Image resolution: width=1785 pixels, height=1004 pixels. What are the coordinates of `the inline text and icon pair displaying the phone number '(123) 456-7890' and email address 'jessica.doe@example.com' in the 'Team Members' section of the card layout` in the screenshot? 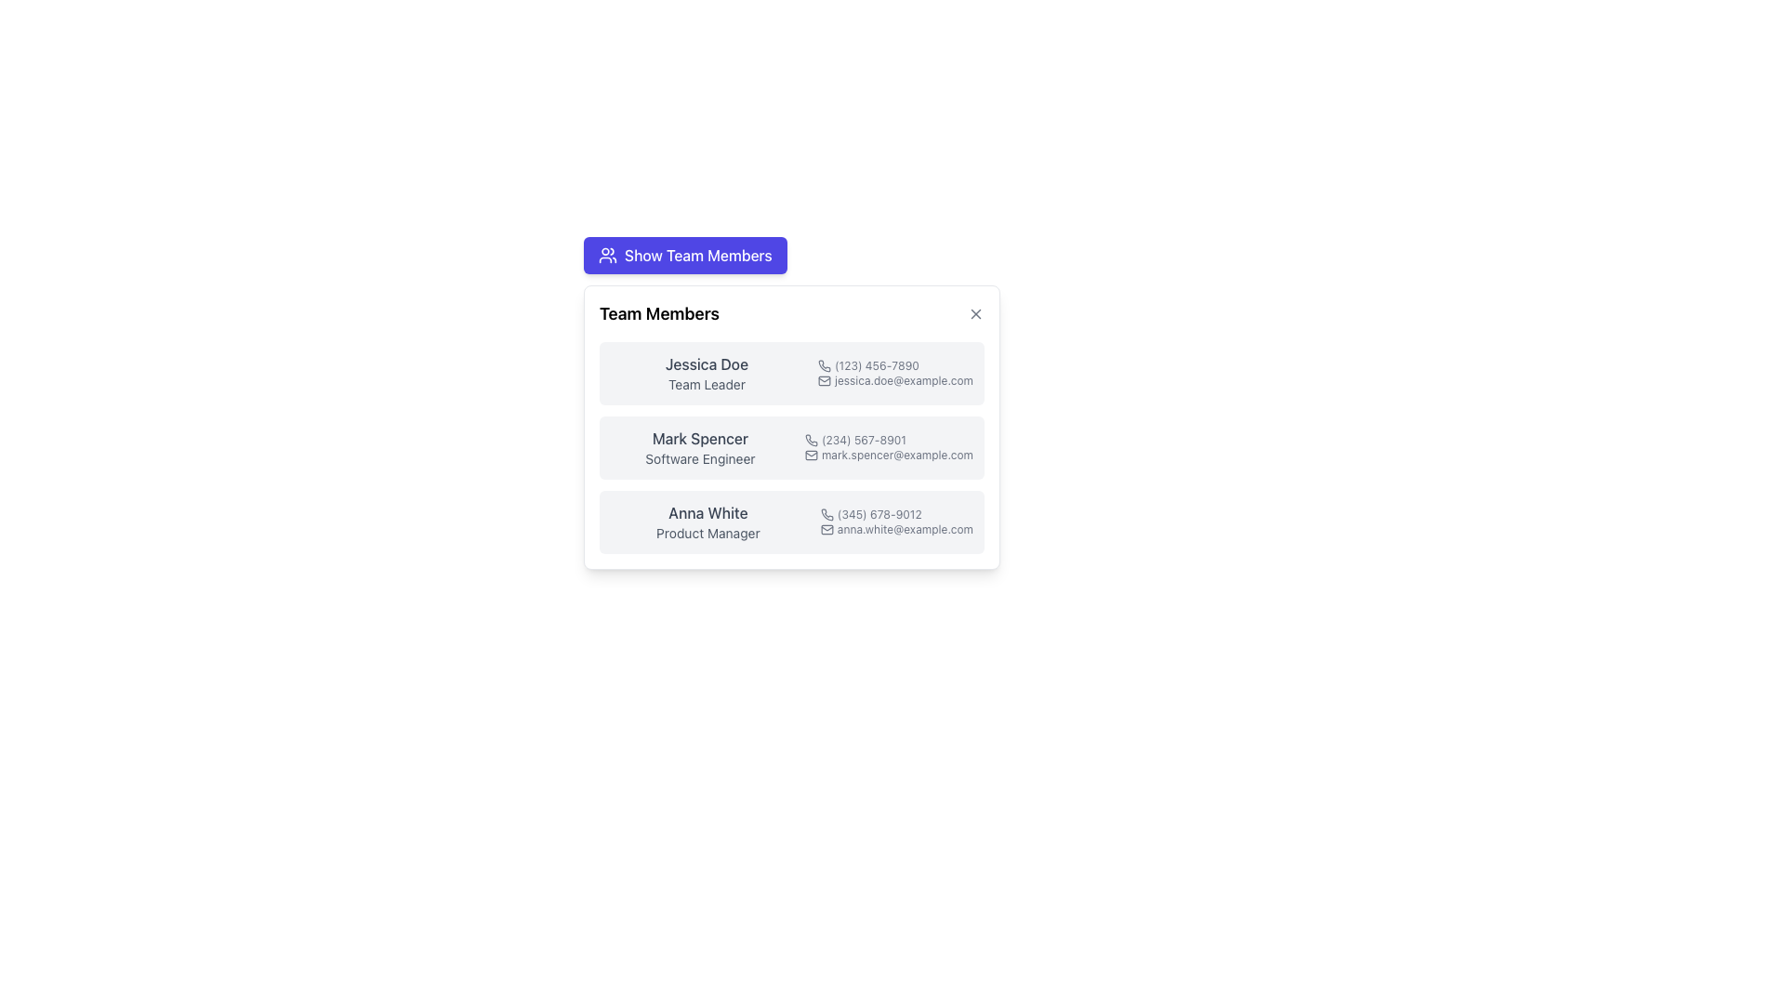 It's located at (895, 373).